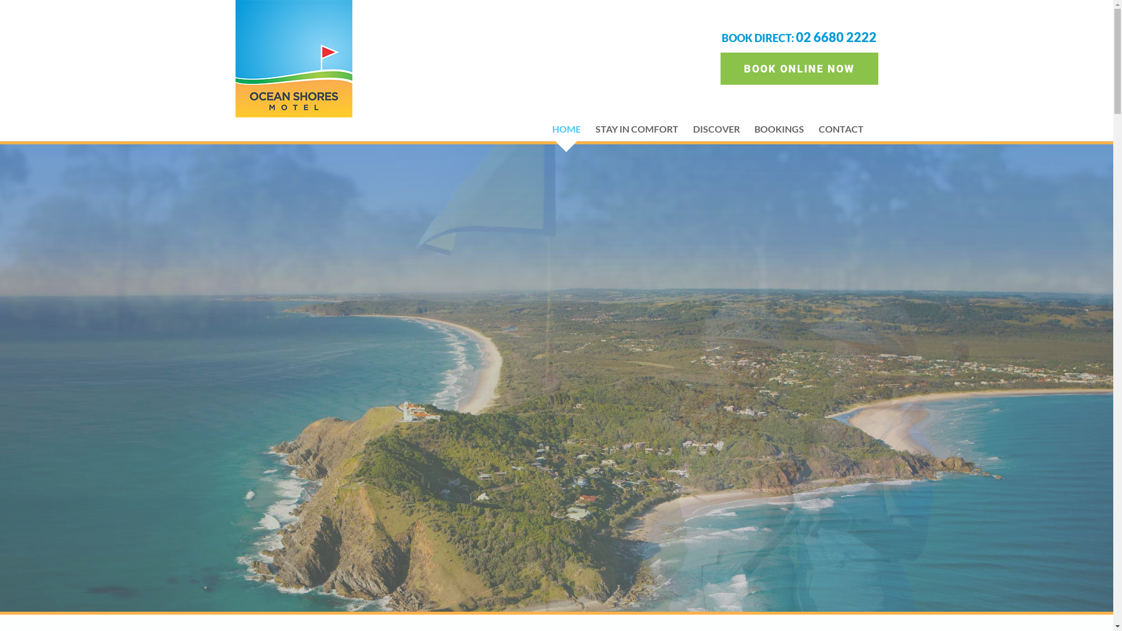 The height and width of the screenshot is (631, 1122). I want to click on 'CONTACT', so click(840, 129).